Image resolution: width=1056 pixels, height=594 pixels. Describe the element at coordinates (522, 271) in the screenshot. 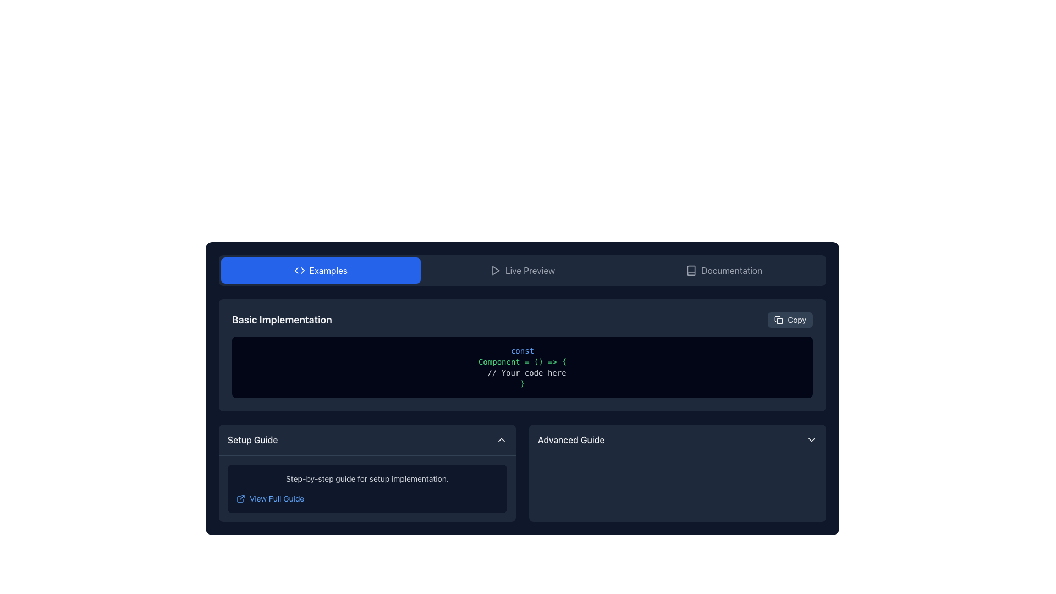

I see `the 'Live Preview' button, which is the second button in a group of three` at that location.